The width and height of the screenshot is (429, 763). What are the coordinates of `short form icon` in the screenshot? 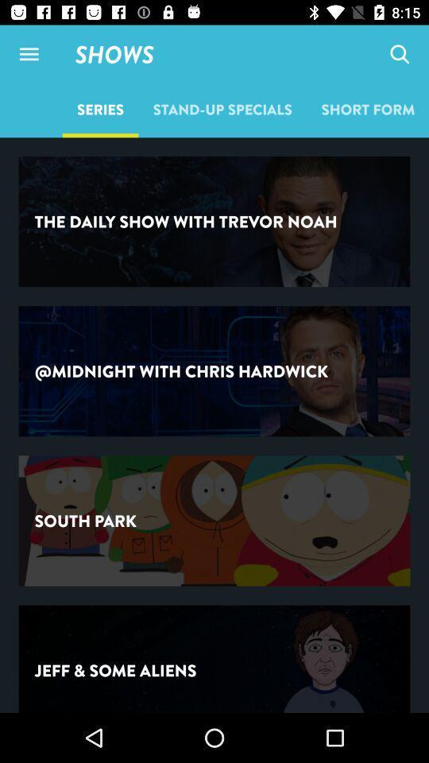 It's located at (368, 108).